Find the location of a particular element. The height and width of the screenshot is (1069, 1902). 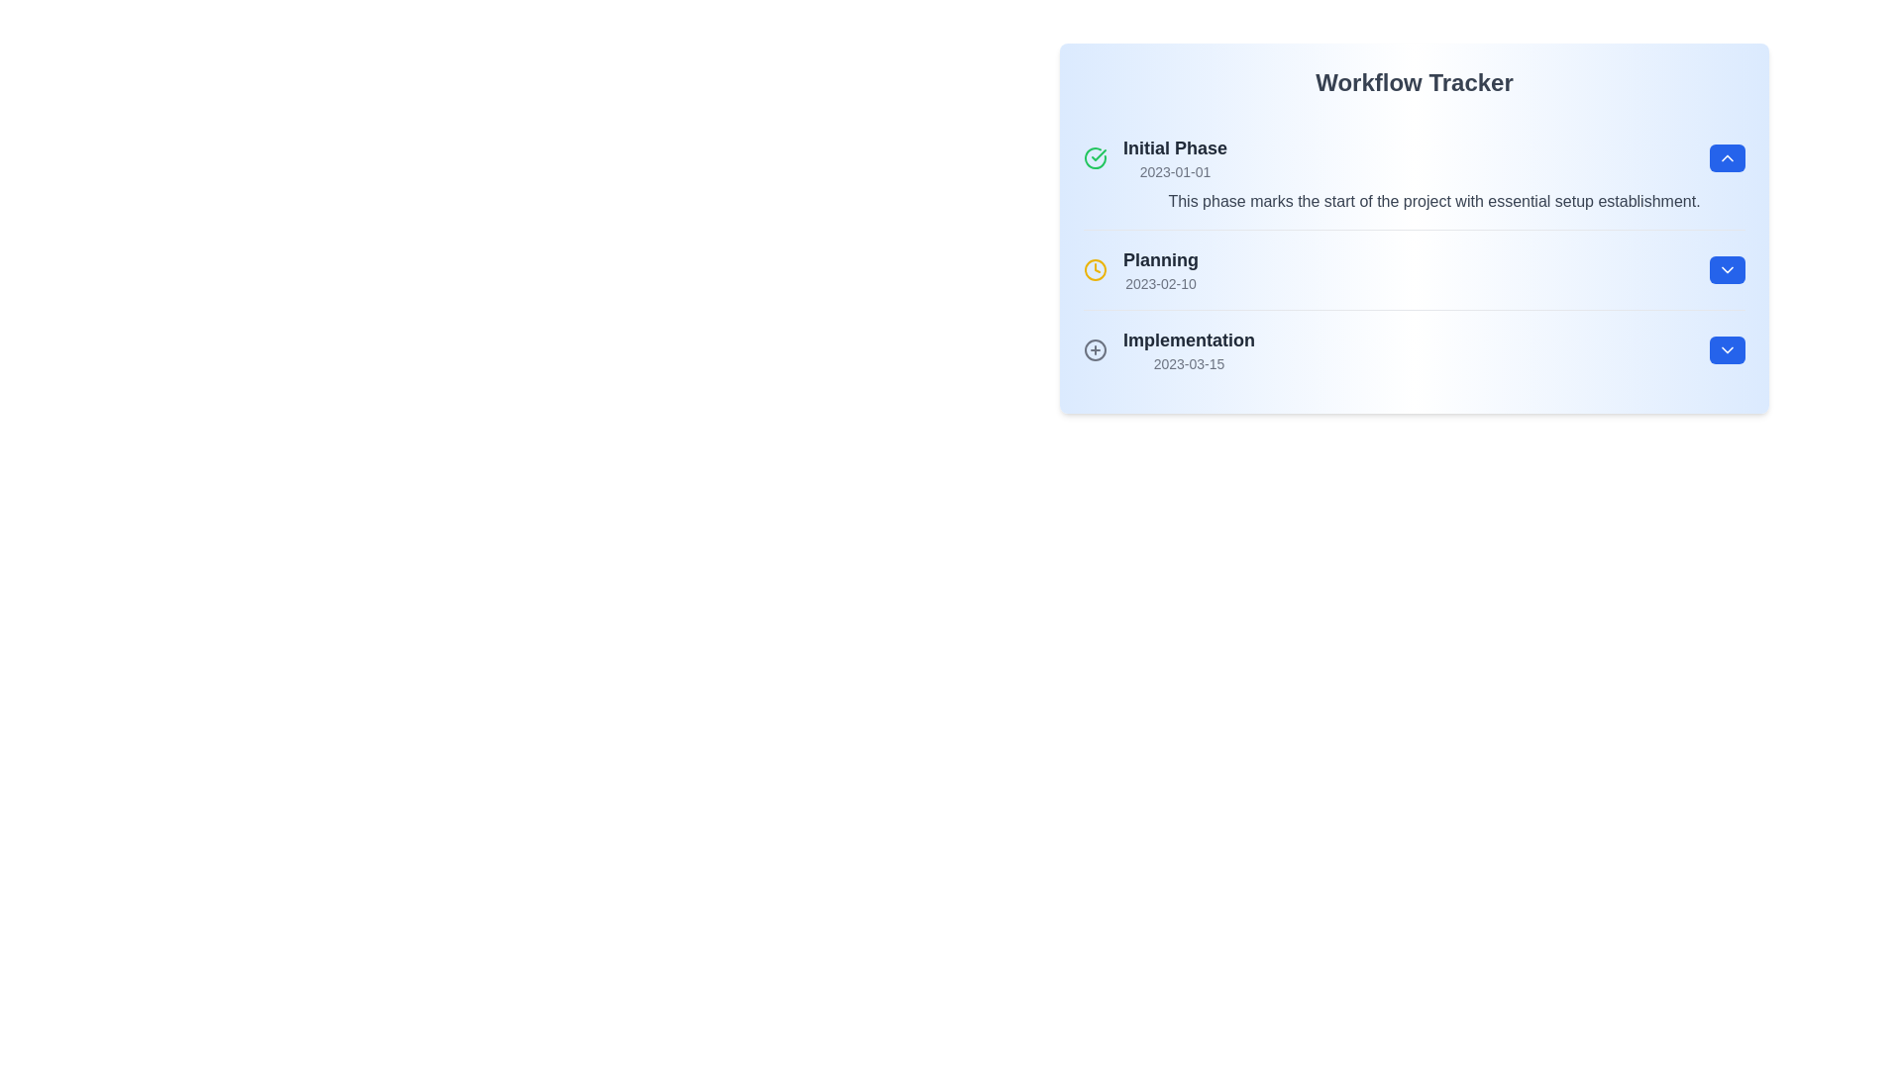

text label indicating the 'Planning' phase with the date '2023-02-10' in the workflow tracker, located between 'Initial Phase' and 'Implementation' is located at coordinates (1160, 270).